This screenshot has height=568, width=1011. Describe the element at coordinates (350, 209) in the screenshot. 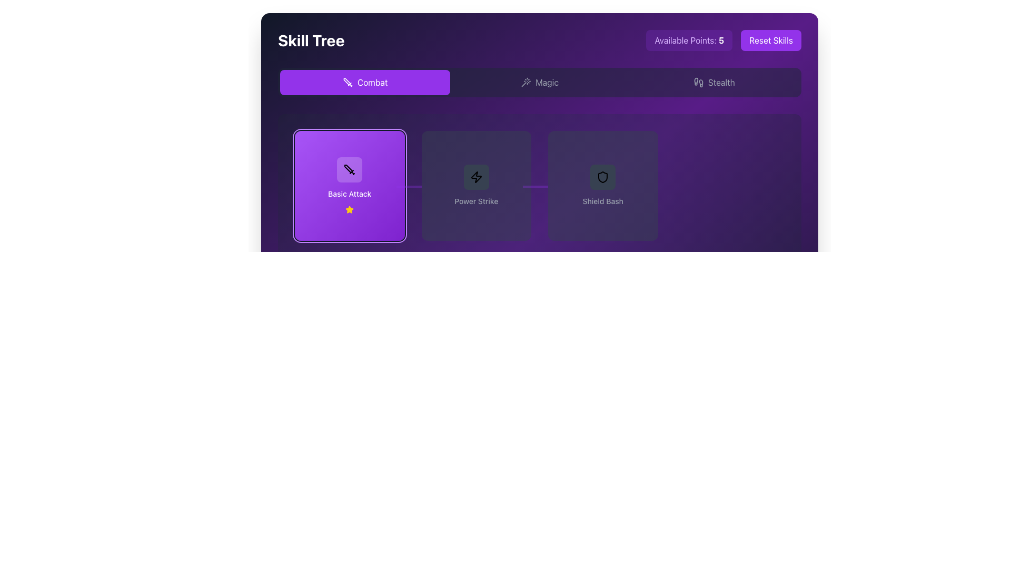

I see `the star icon representing a rating or award feature in the 'Basic Attack' section of the skill tree` at that location.